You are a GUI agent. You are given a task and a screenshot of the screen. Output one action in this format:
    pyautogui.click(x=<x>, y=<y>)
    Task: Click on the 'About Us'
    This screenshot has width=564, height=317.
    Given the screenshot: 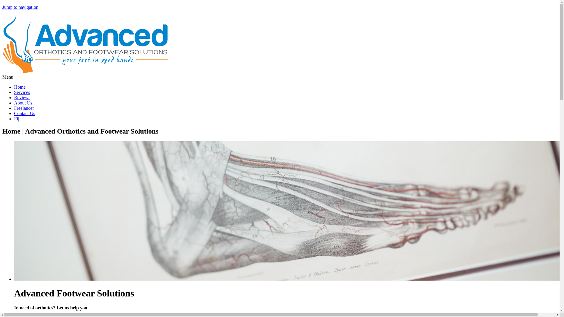 What is the action you would take?
    pyautogui.click(x=23, y=102)
    